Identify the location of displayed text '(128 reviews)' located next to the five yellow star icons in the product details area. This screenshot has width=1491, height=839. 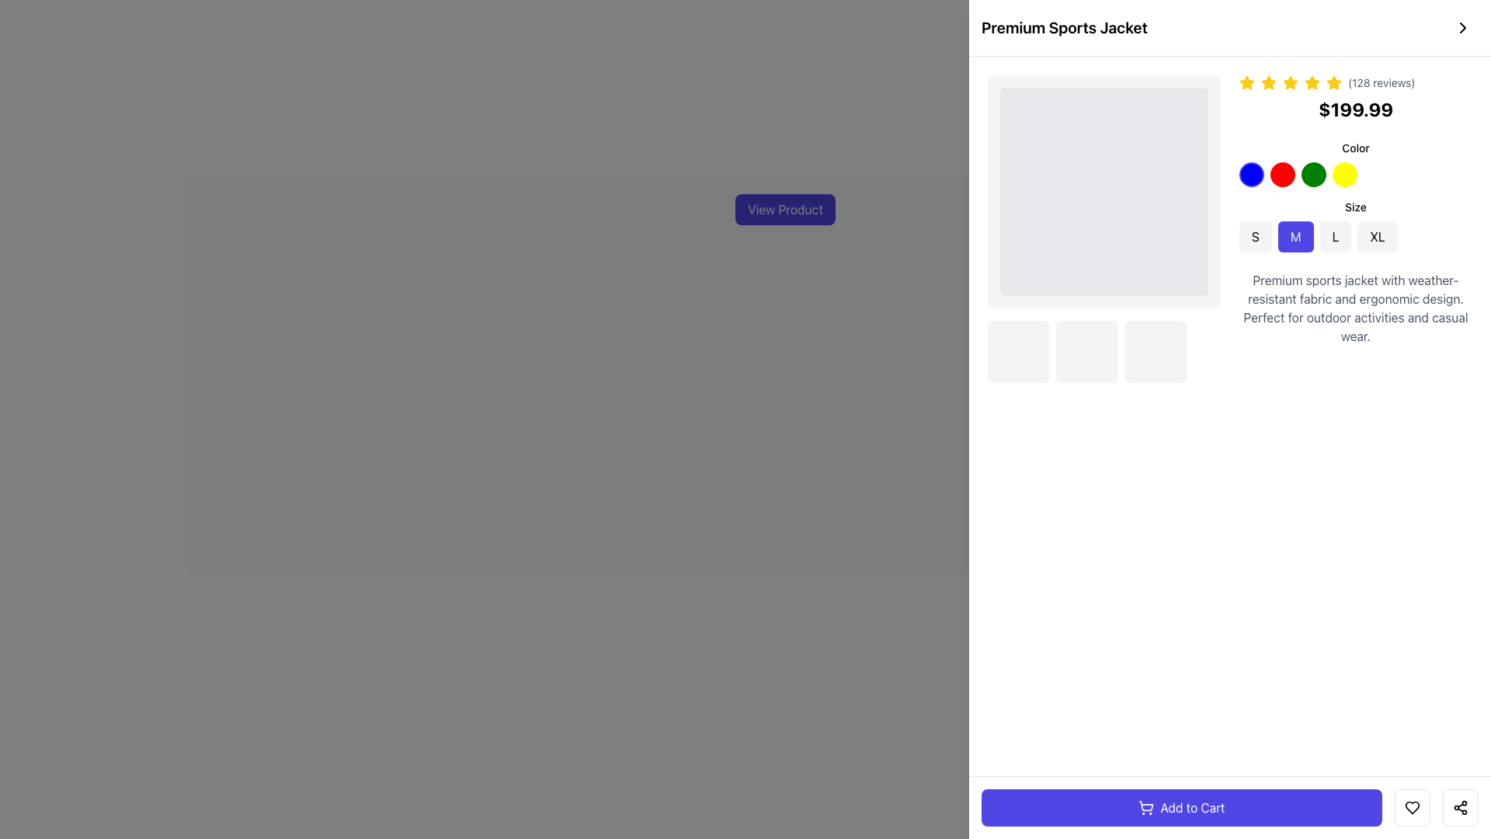
(1355, 83).